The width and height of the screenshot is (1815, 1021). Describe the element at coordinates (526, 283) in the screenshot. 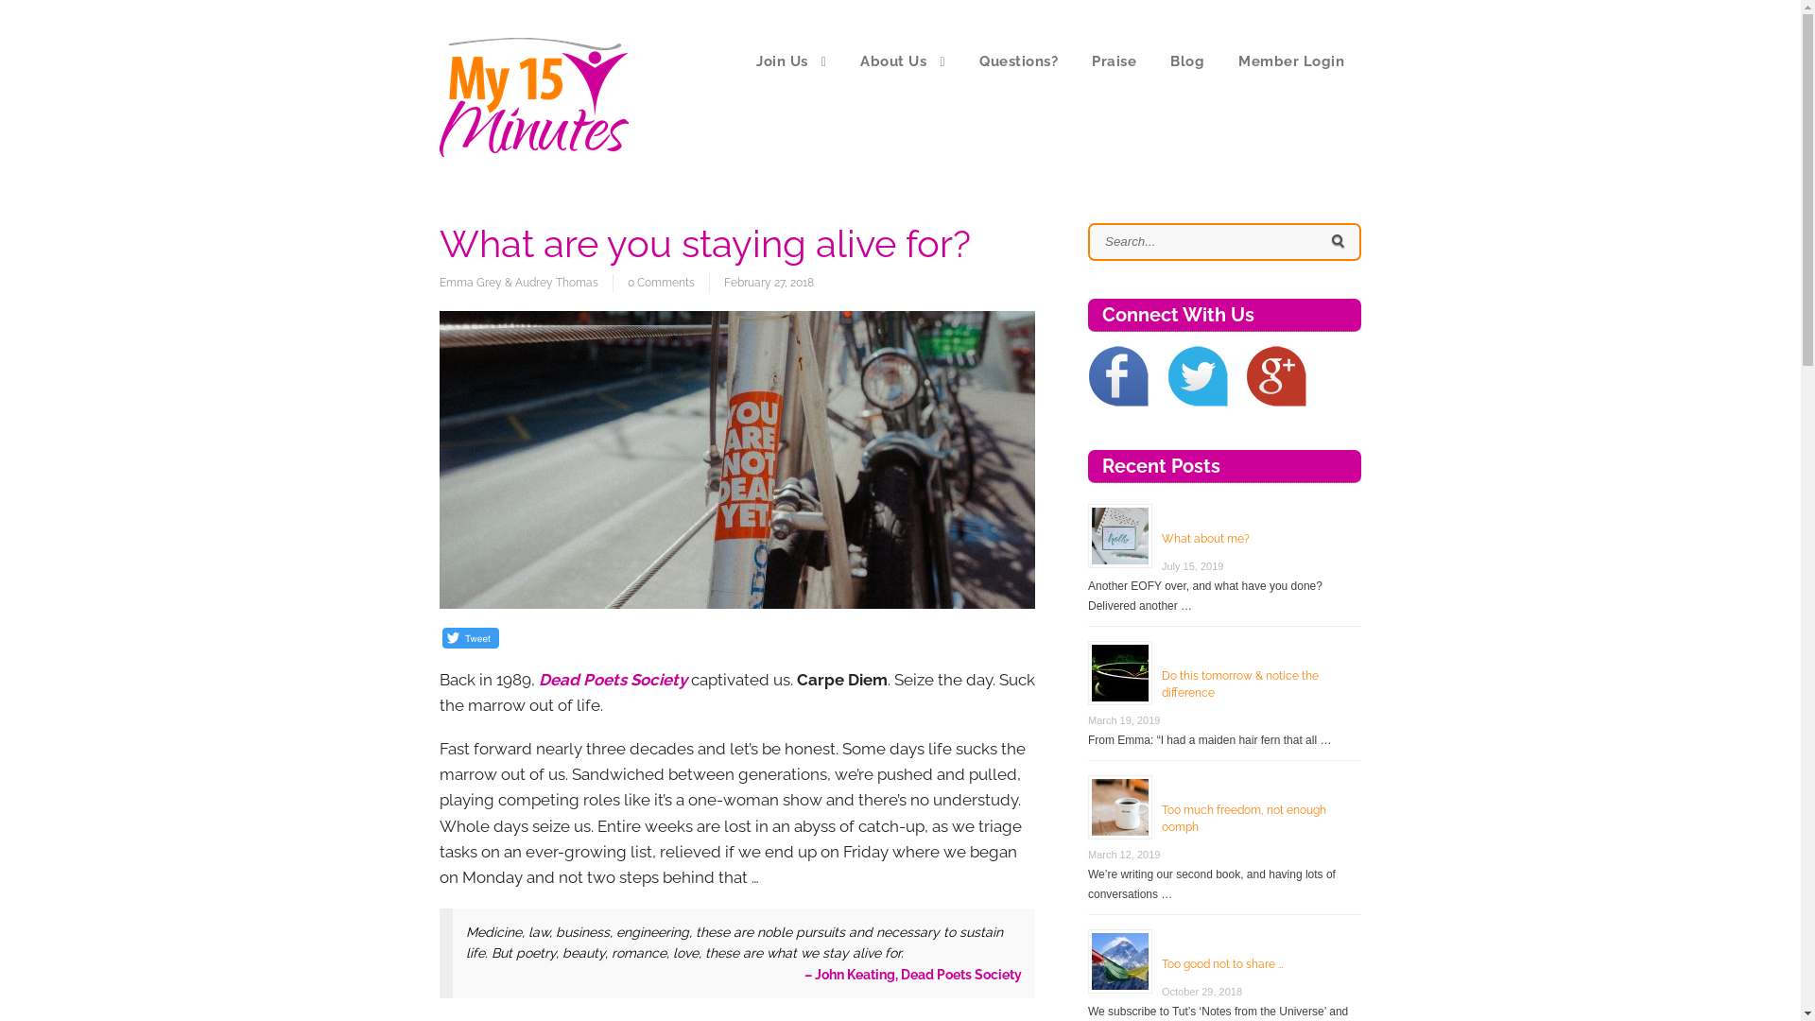

I see `'Emma Grey & Audrey Thomas'` at that location.